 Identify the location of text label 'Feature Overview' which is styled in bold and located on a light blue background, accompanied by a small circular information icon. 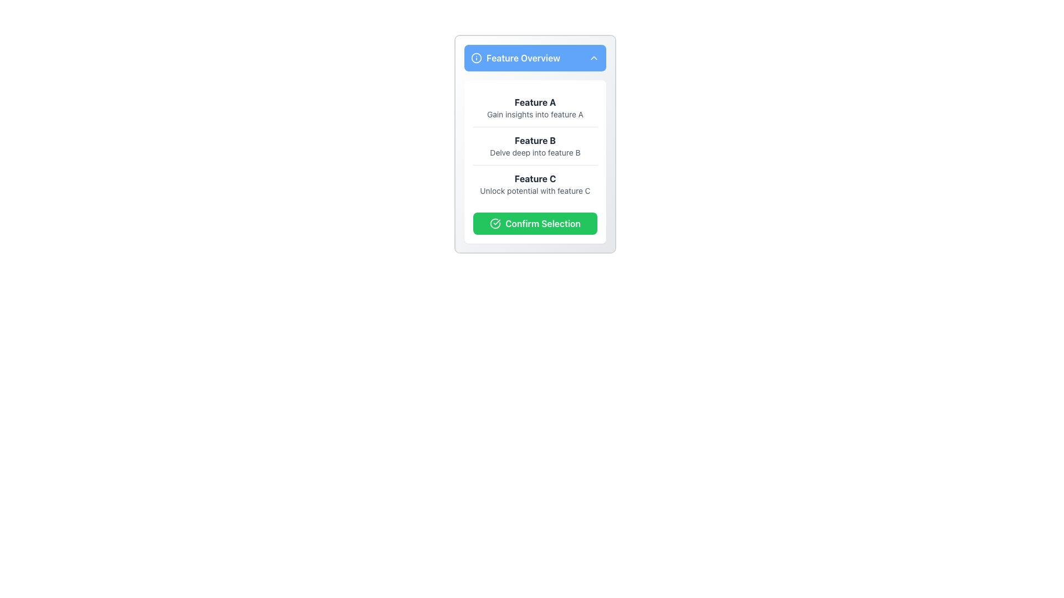
(515, 58).